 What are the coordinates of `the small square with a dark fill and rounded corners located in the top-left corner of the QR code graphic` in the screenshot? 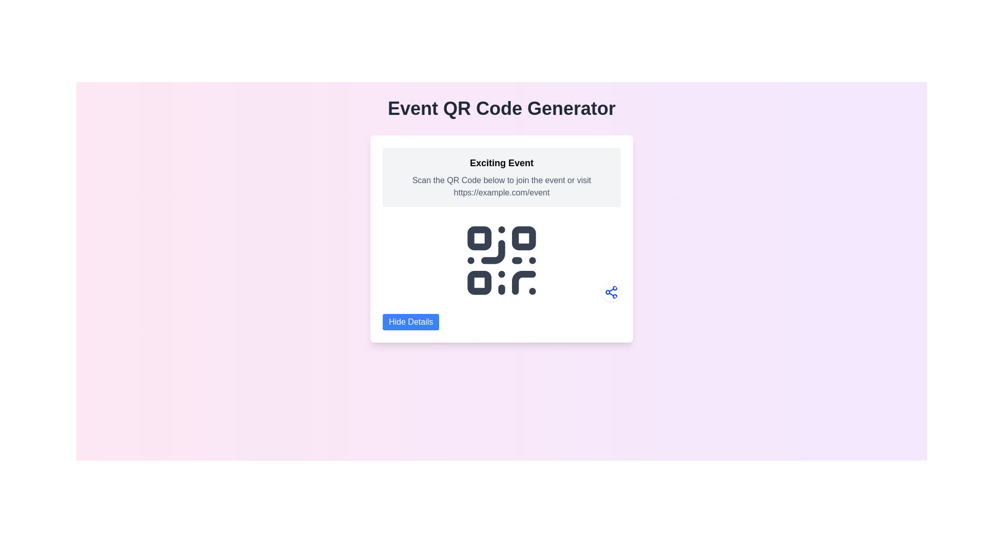 It's located at (479, 238).